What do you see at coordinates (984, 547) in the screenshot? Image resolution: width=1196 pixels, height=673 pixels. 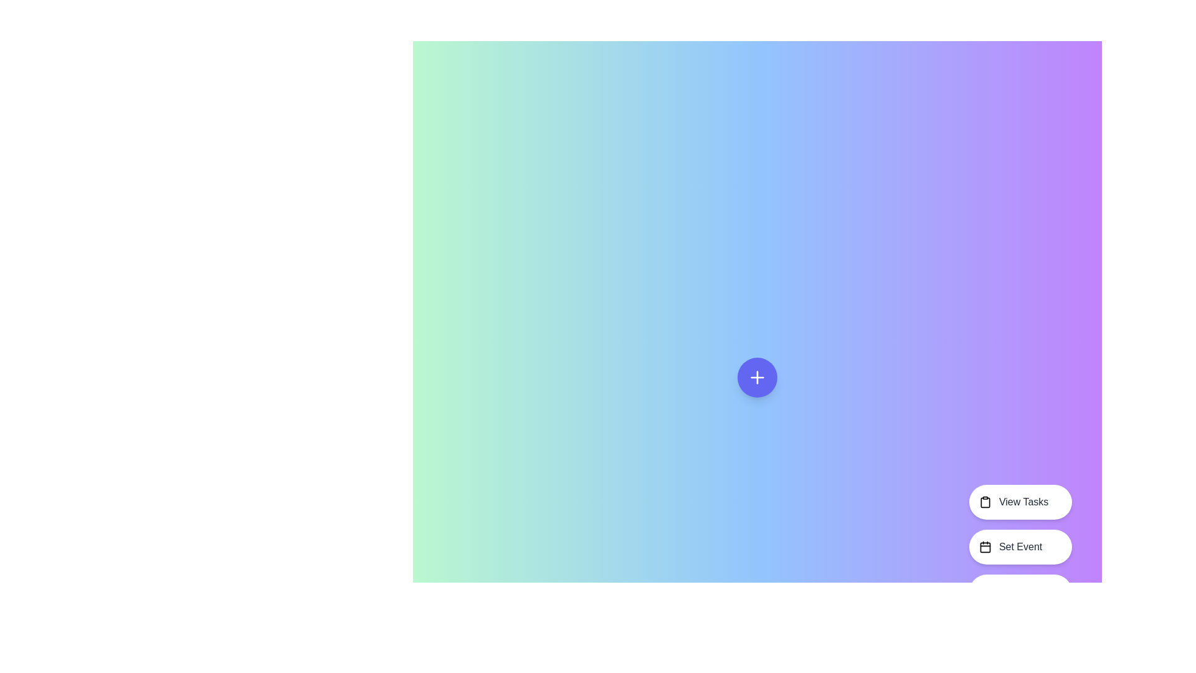 I see `decorative or functional icon within the 'Set Event' button located at the bottom-right corner of the interface for additional information` at bounding box center [984, 547].